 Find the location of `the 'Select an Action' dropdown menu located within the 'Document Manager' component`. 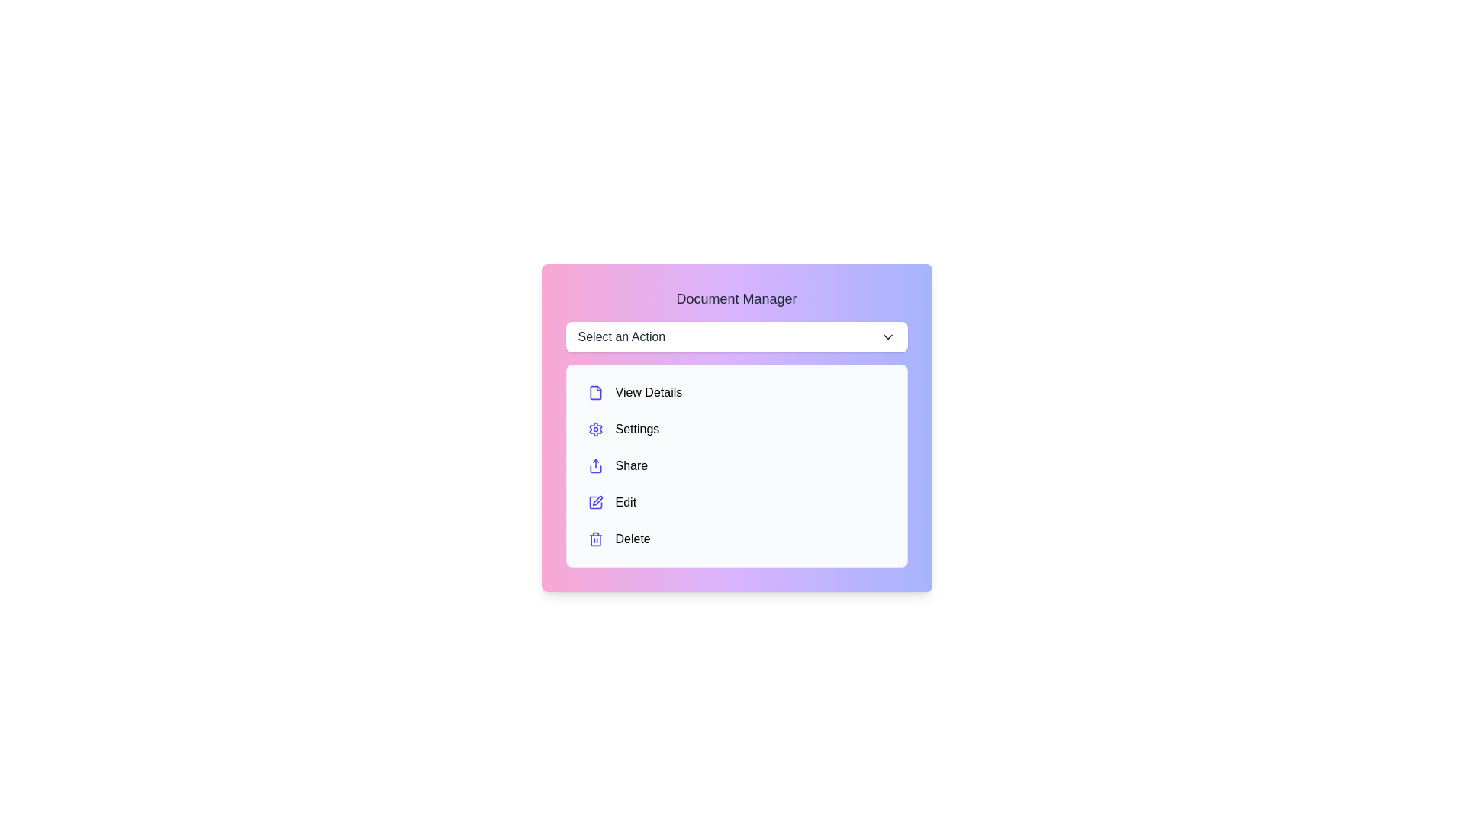

the 'Select an Action' dropdown menu located within the 'Document Manager' component is located at coordinates (736, 336).